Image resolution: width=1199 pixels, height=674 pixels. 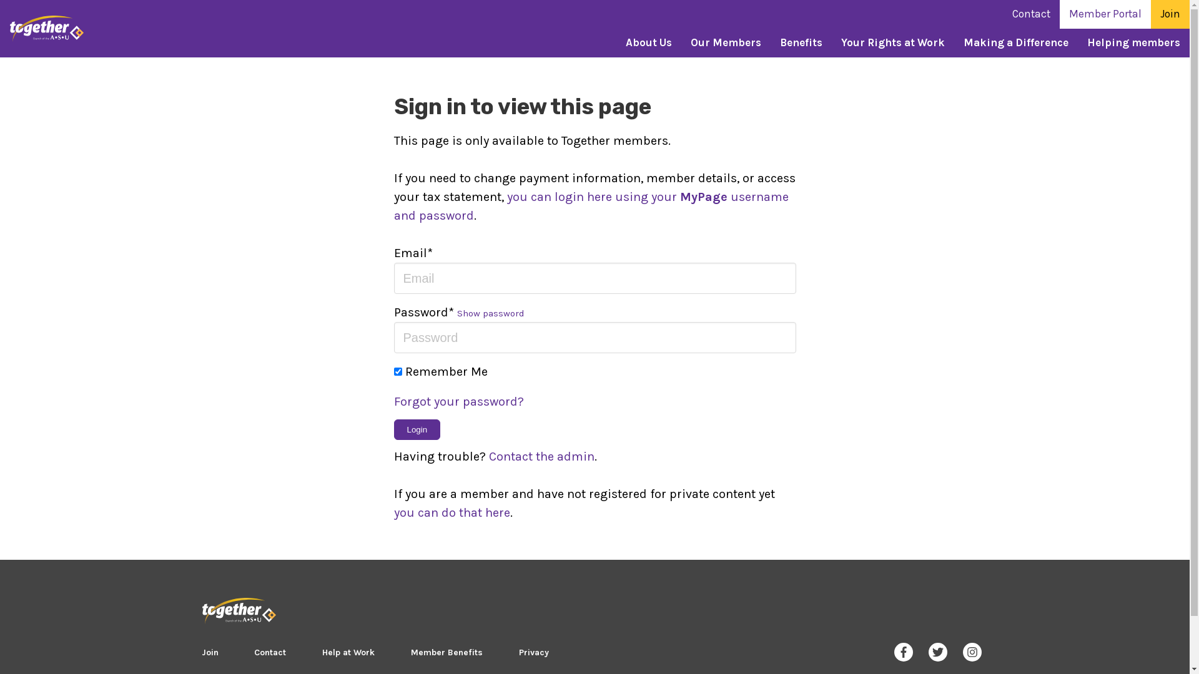 I want to click on 'Making a Difference', so click(x=1016, y=42).